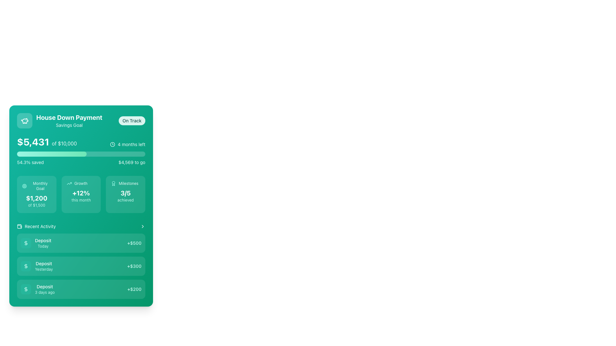 This screenshot has width=616, height=346. Describe the element at coordinates (134, 243) in the screenshot. I see `text displayed in the bottom-right section of the deposit record, which shows the amount deposited in a recent transaction` at that location.